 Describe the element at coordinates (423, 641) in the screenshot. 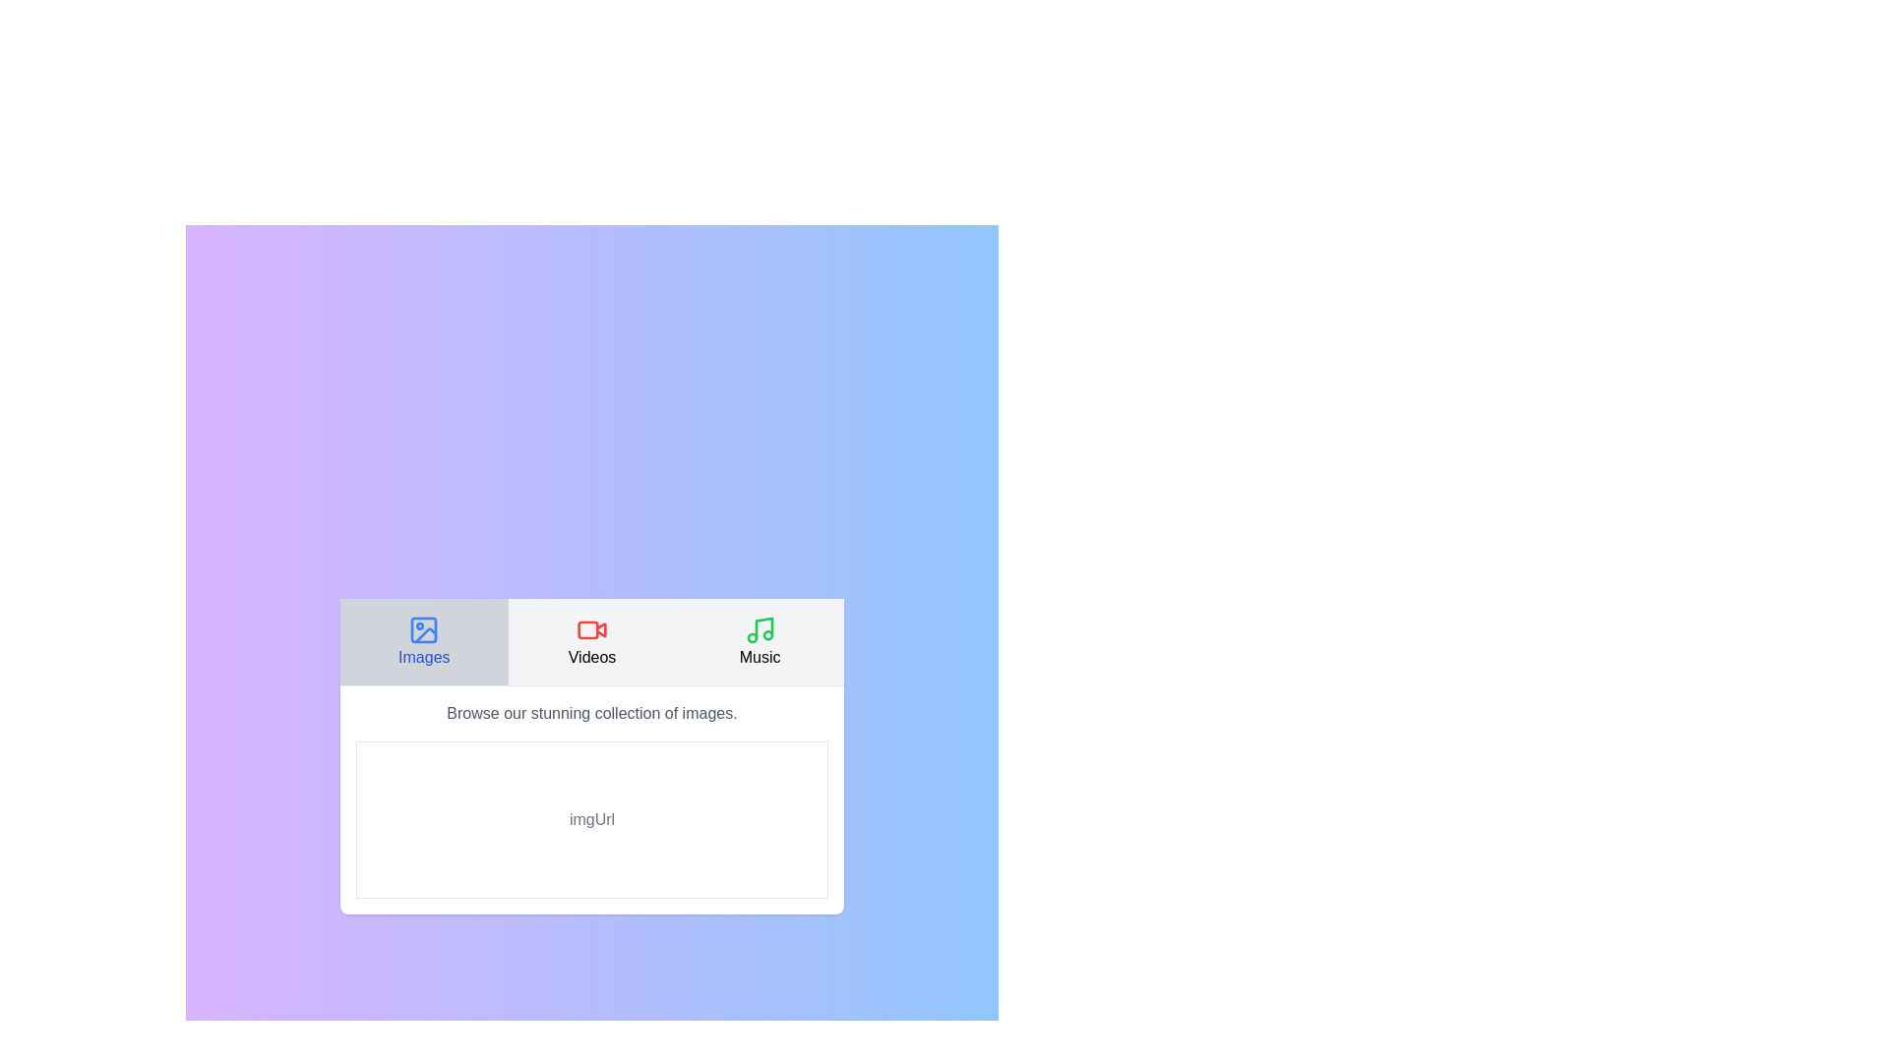

I see `the Images tab to switch to its content` at that location.